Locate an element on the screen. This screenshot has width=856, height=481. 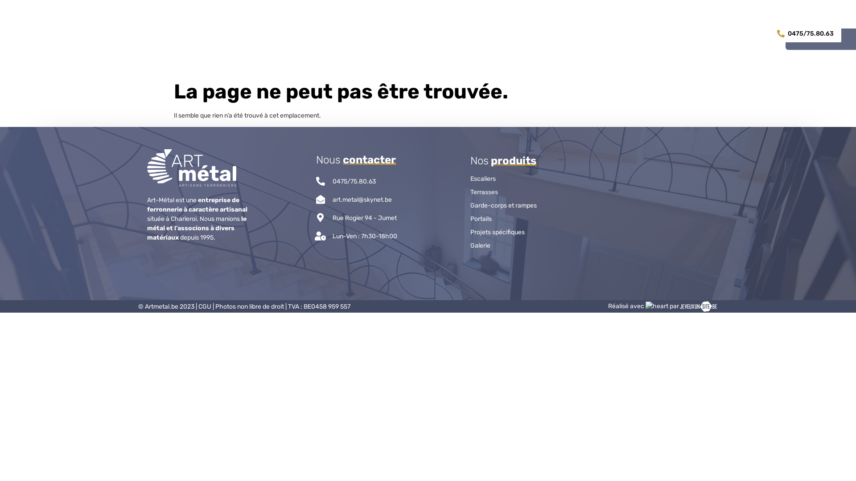
'0475/75.80.63' is located at coordinates (354, 181).